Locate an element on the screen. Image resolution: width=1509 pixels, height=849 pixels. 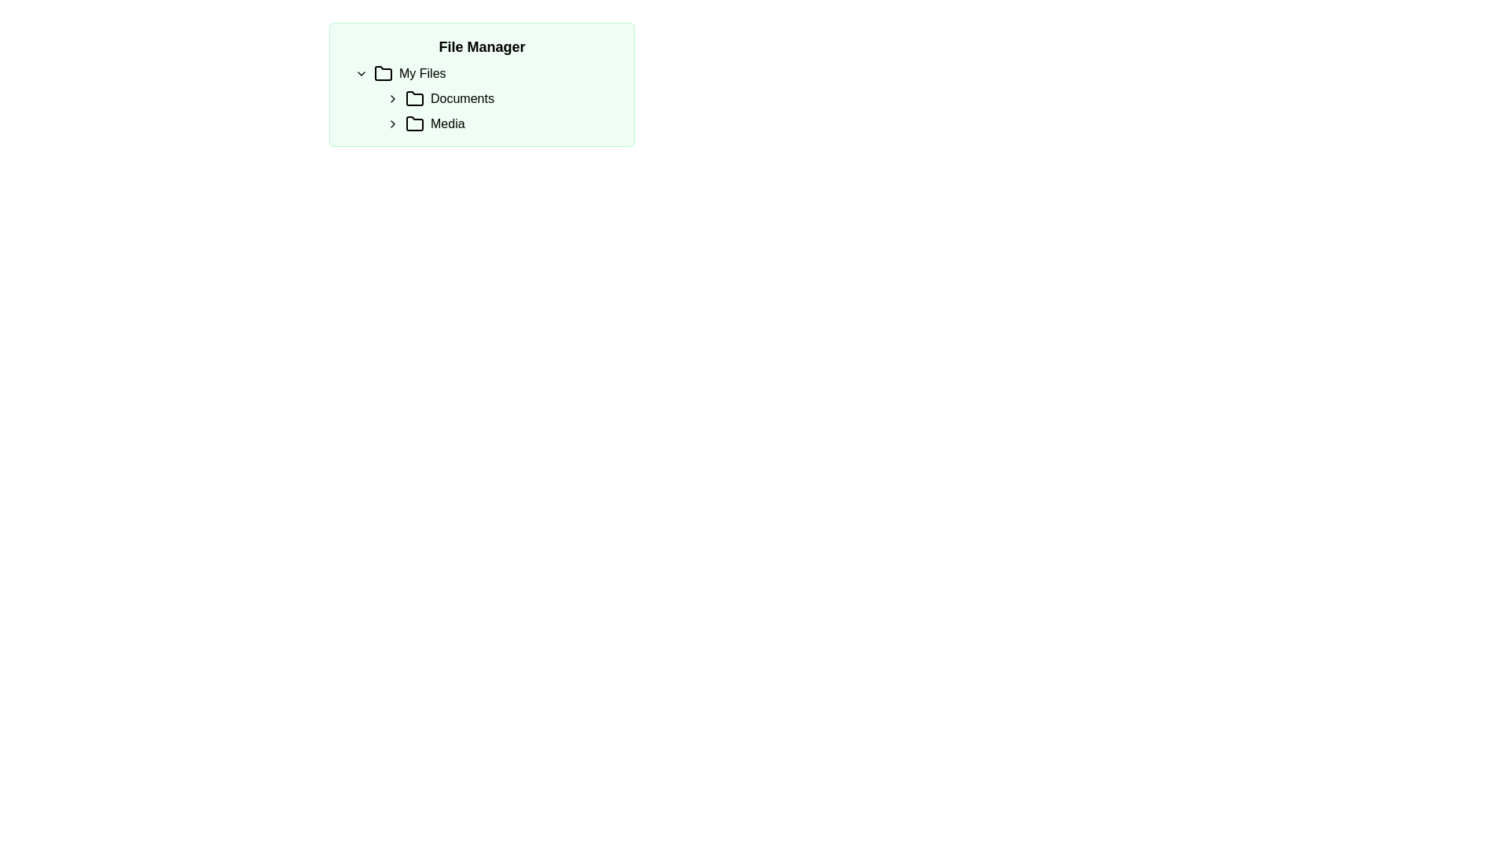
the static label or header at the top-right corner of the folder navigation interface, which indicates the function or title related to file management is located at coordinates (481, 46).